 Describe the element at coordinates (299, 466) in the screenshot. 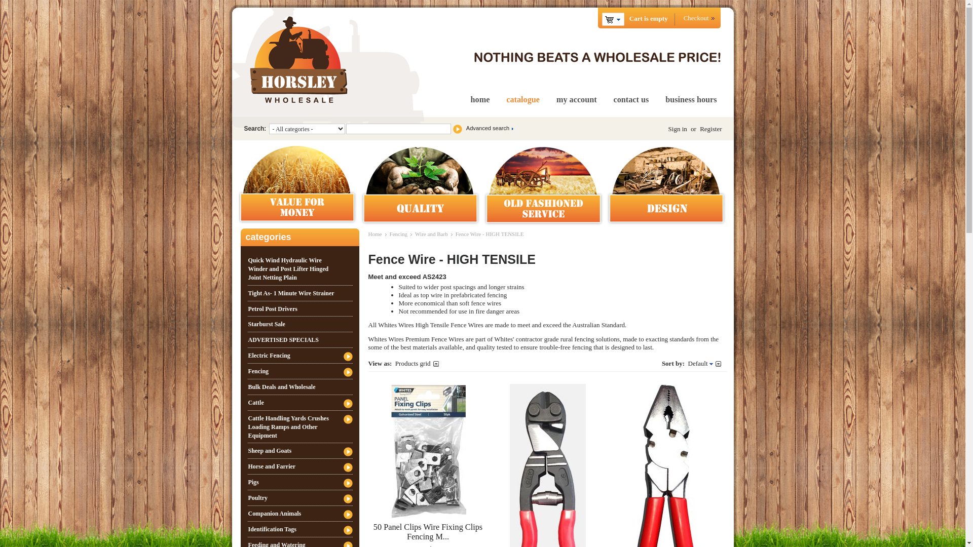

I see `'Horse and Farrier'` at that location.